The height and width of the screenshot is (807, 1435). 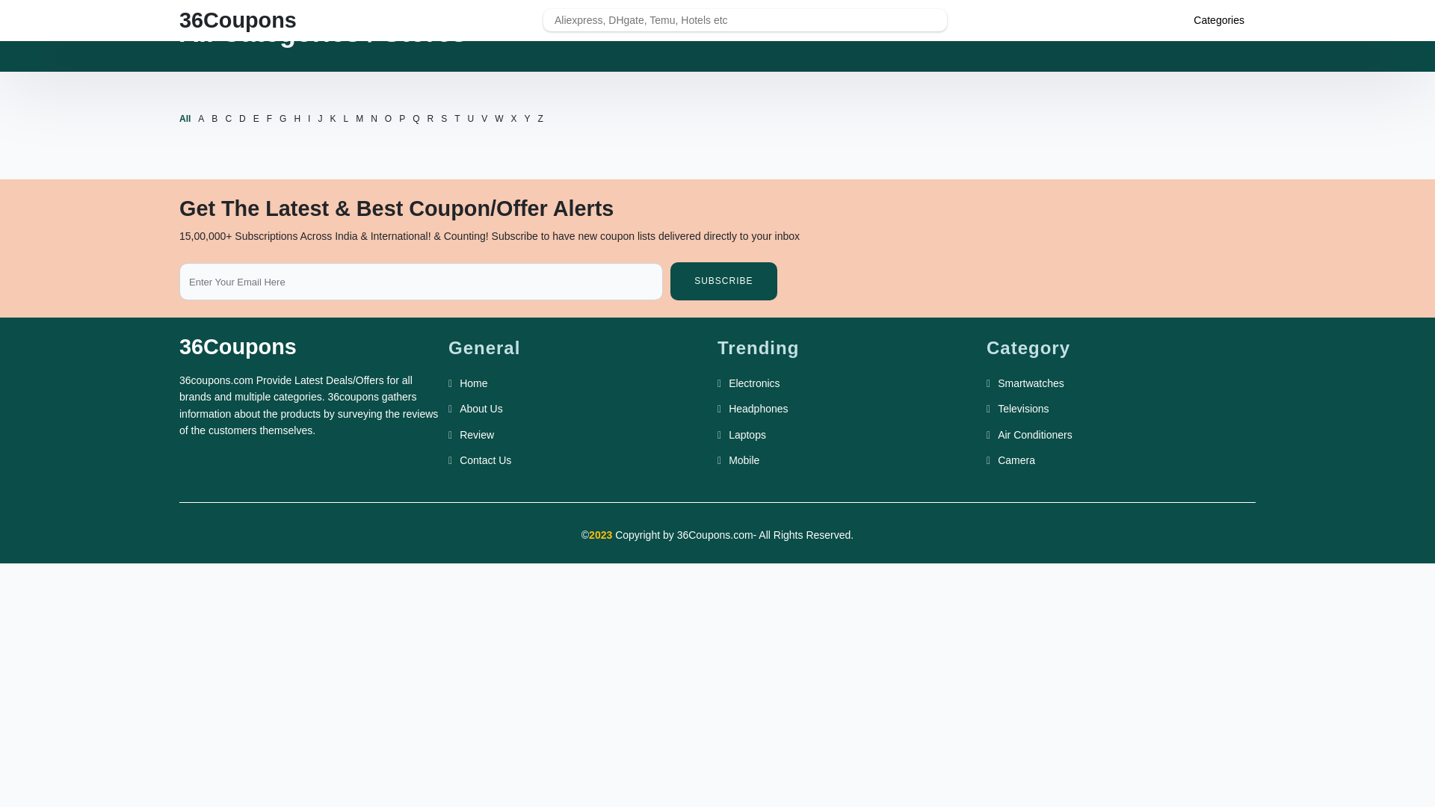 What do you see at coordinates (472, 383) in the screenshot?
I see `'Home'` at bounding box center [472, 383].